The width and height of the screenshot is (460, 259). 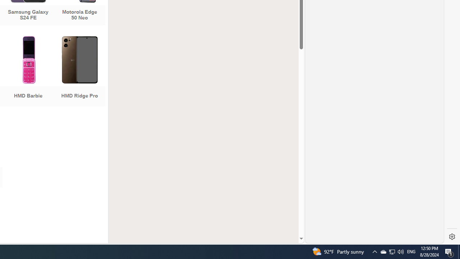 What do you see at coordinates (452, 237) in the screenshot?
I see `'Settings'` at bounding box center [452, 237].